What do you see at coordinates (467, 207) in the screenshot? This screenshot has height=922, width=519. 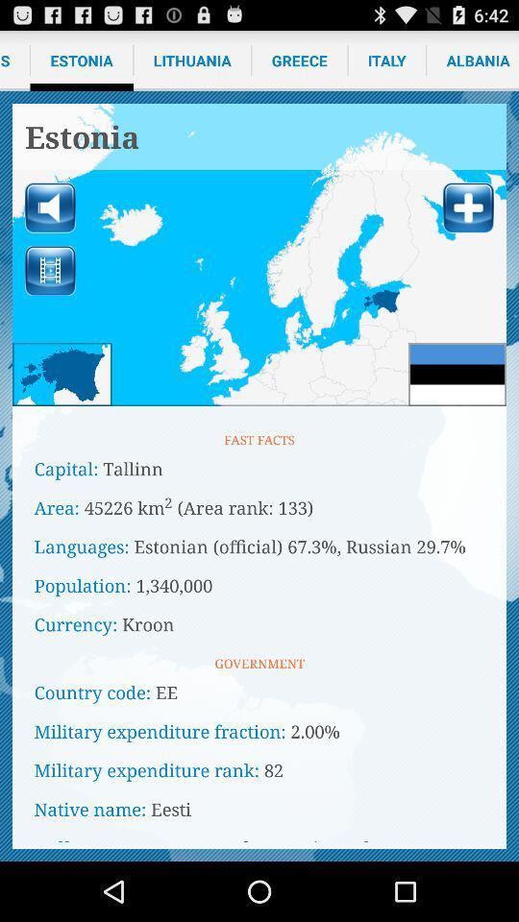 I see `more information` at bounding box center [467, 207].